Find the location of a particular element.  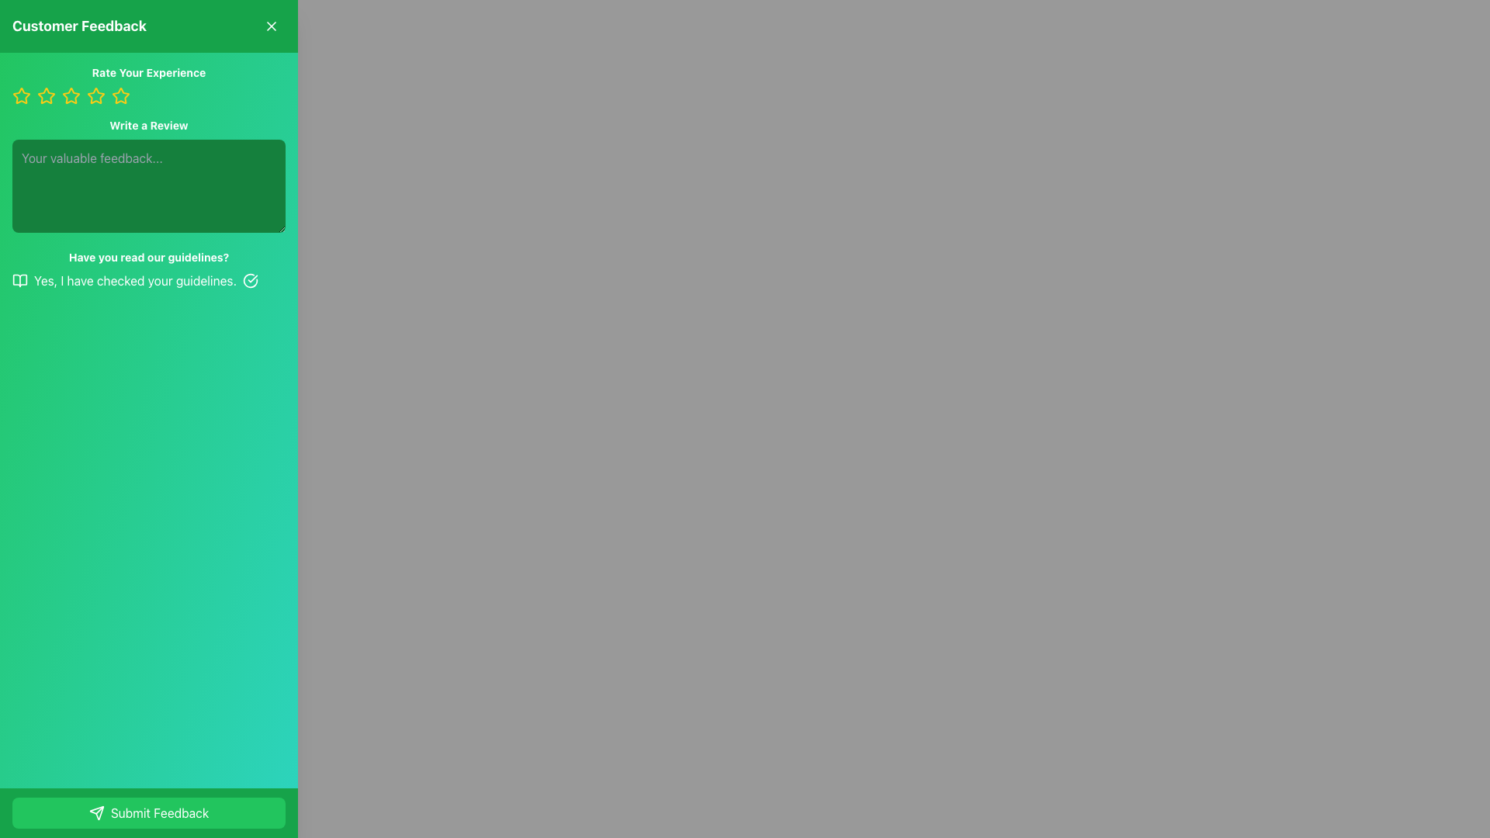

the fifth star-shaped rating icon with a yellow outline under the 'Rate Your Experience' section is located at coordinates (120, 95).